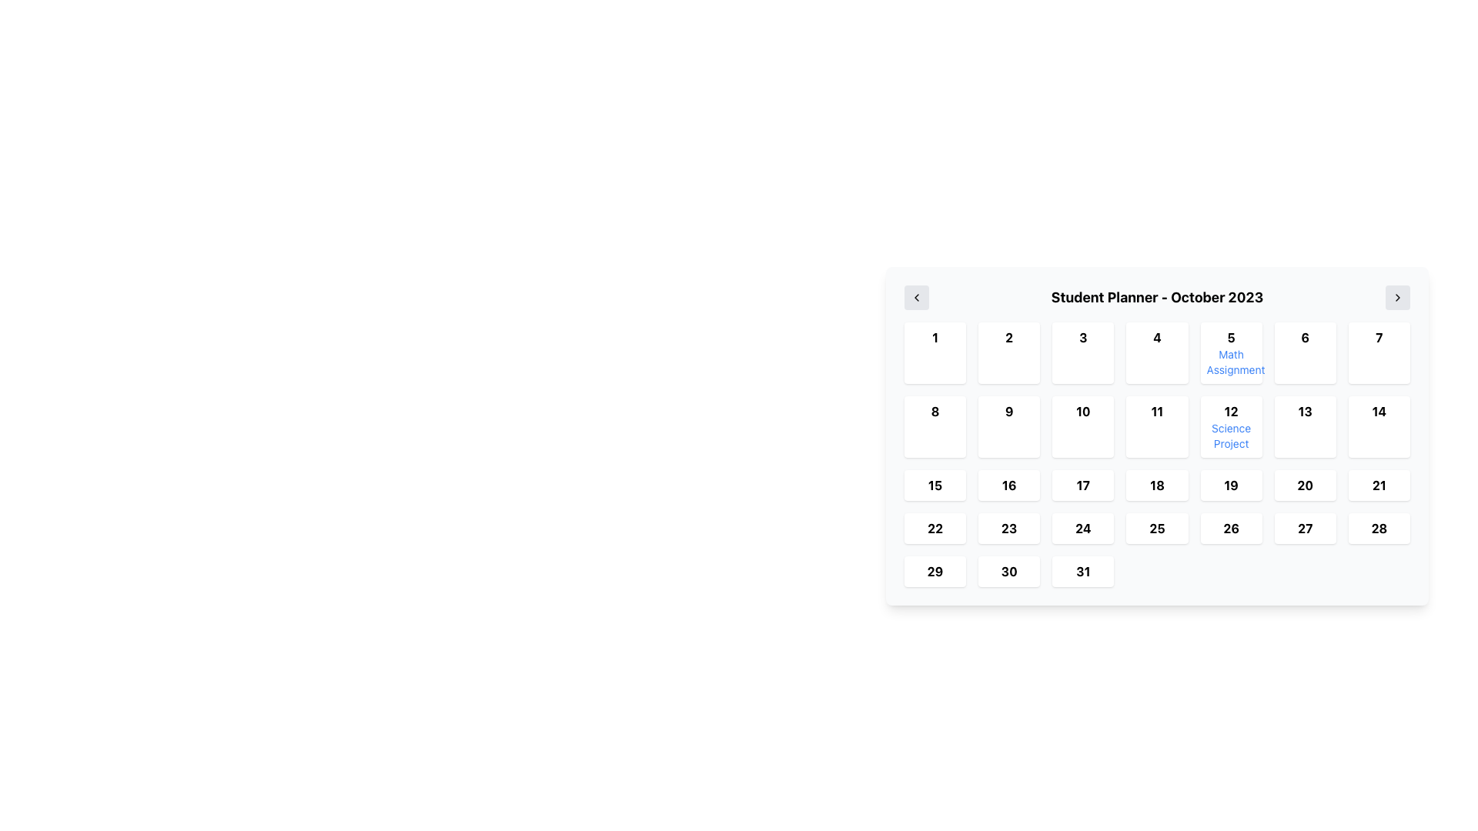 This screenshot has height=831, width=1478. Describe the element at coordinates (1304, 427) in the screenshot. I see `the calendar date tile displaying the number '13'` at that location.